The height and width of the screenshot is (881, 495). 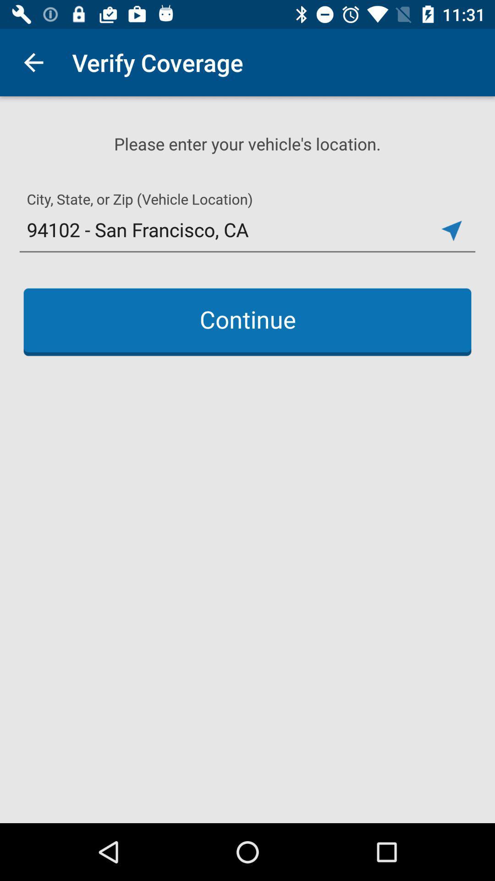 I want to click on the navigation icon, so click(x=451, y=230).